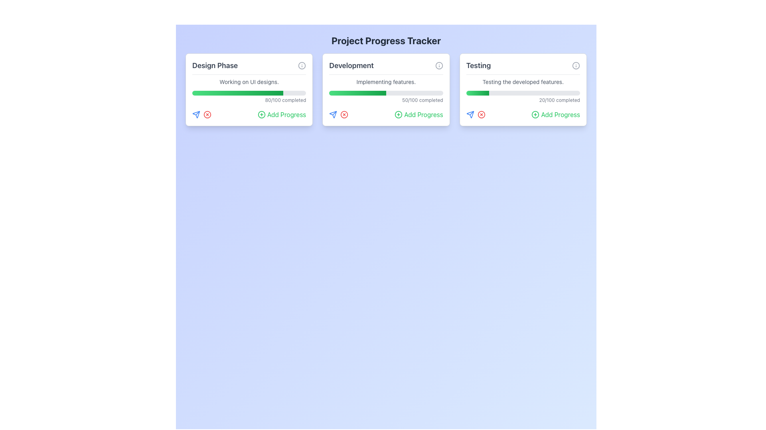  I want to click on the button for the 'Design Phase' task located at the bottom of the card to trigger a tooltip or styling change, so click(282, 115).